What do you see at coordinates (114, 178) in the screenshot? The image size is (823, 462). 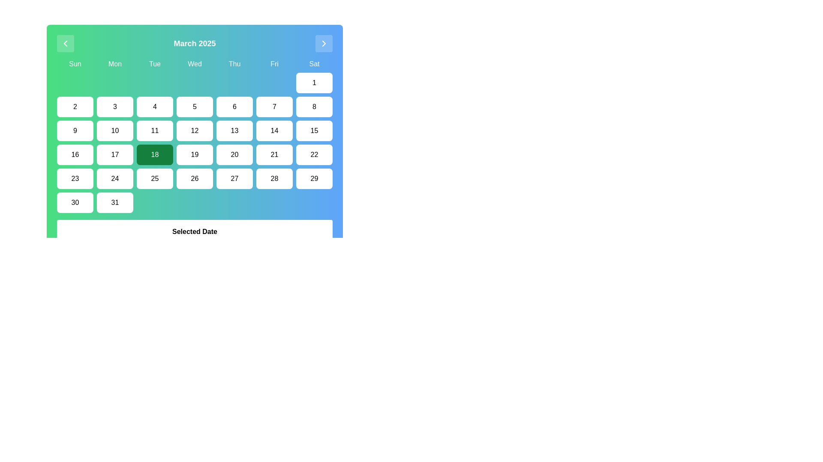 I see `the selectable calendar date button for the 24th day located under the 'Sun' header in the fourth column of the fifth row` at bounding box center [114, 178].